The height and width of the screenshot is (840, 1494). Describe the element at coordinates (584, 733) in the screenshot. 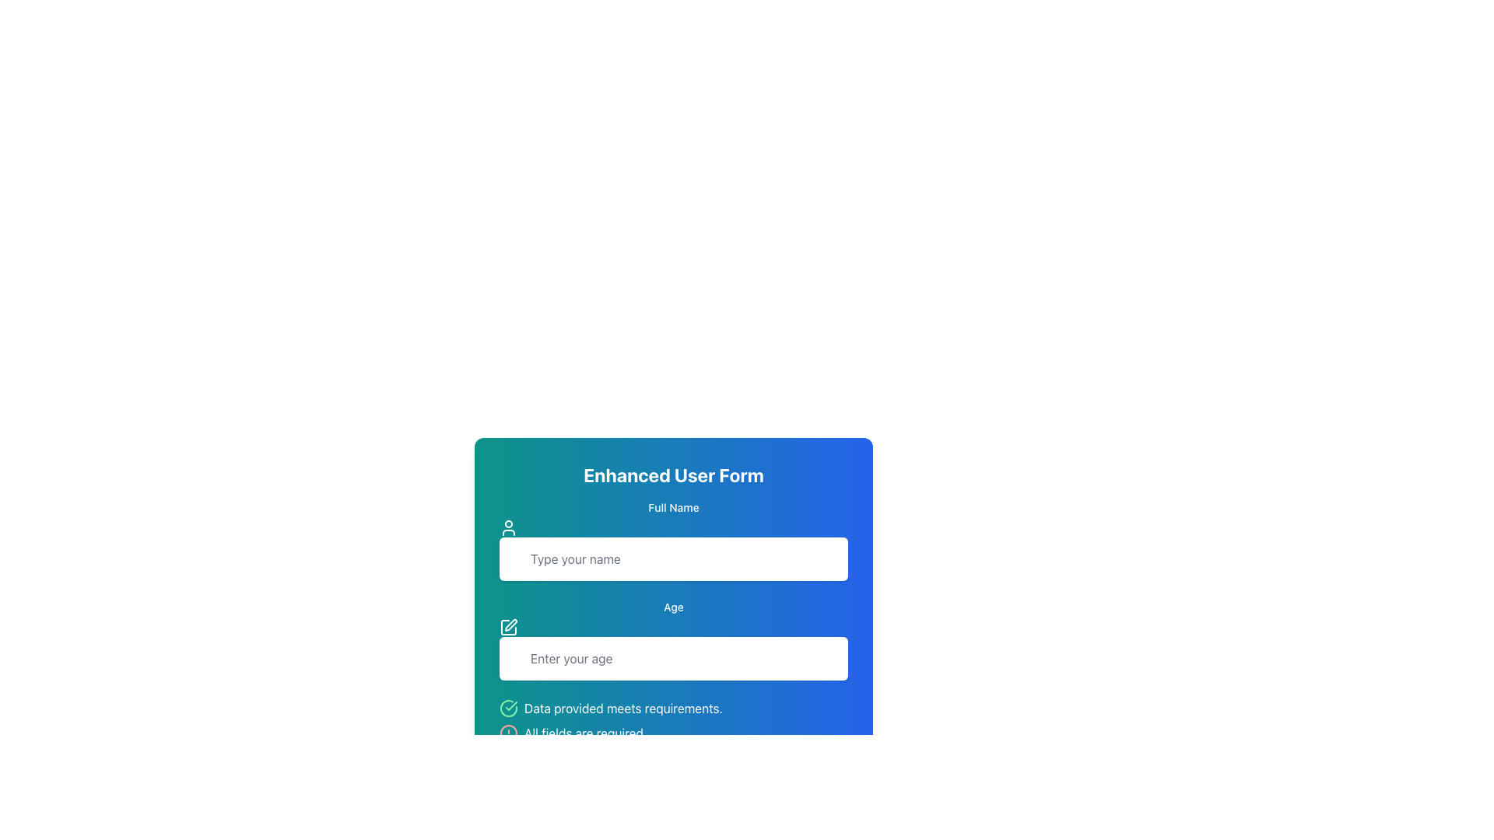

I see `the static text label displaying 'All fields are required.' positioned at the bottom of the form, below the checkbox for 'Data provided meets requirements.'` at that location.